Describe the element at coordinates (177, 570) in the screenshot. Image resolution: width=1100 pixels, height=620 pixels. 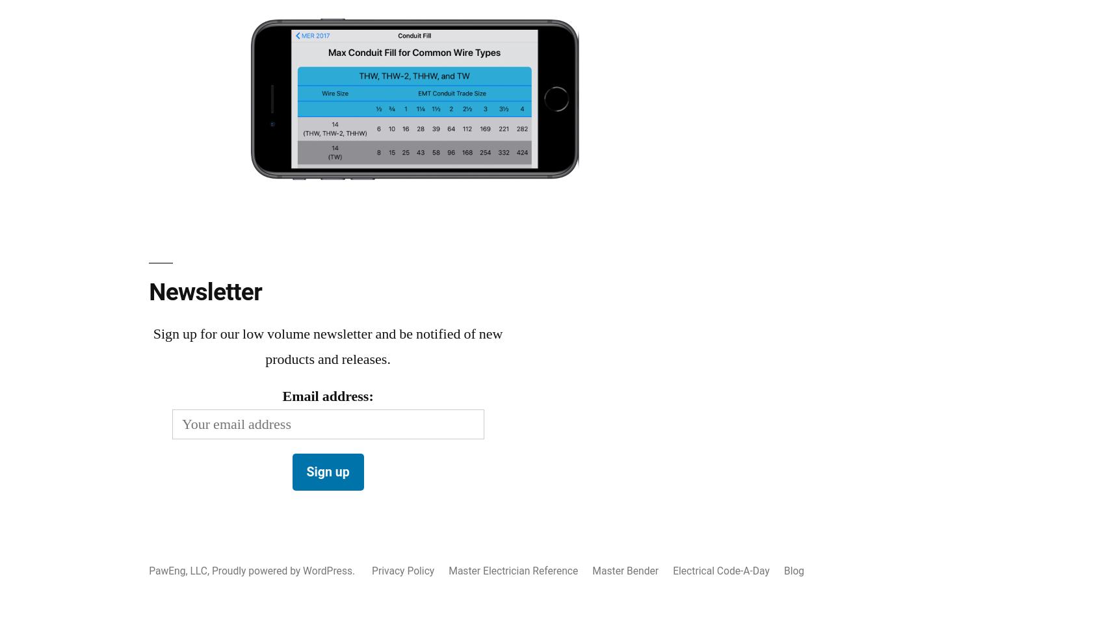
I see `'PawEng, LLC'` at that location.